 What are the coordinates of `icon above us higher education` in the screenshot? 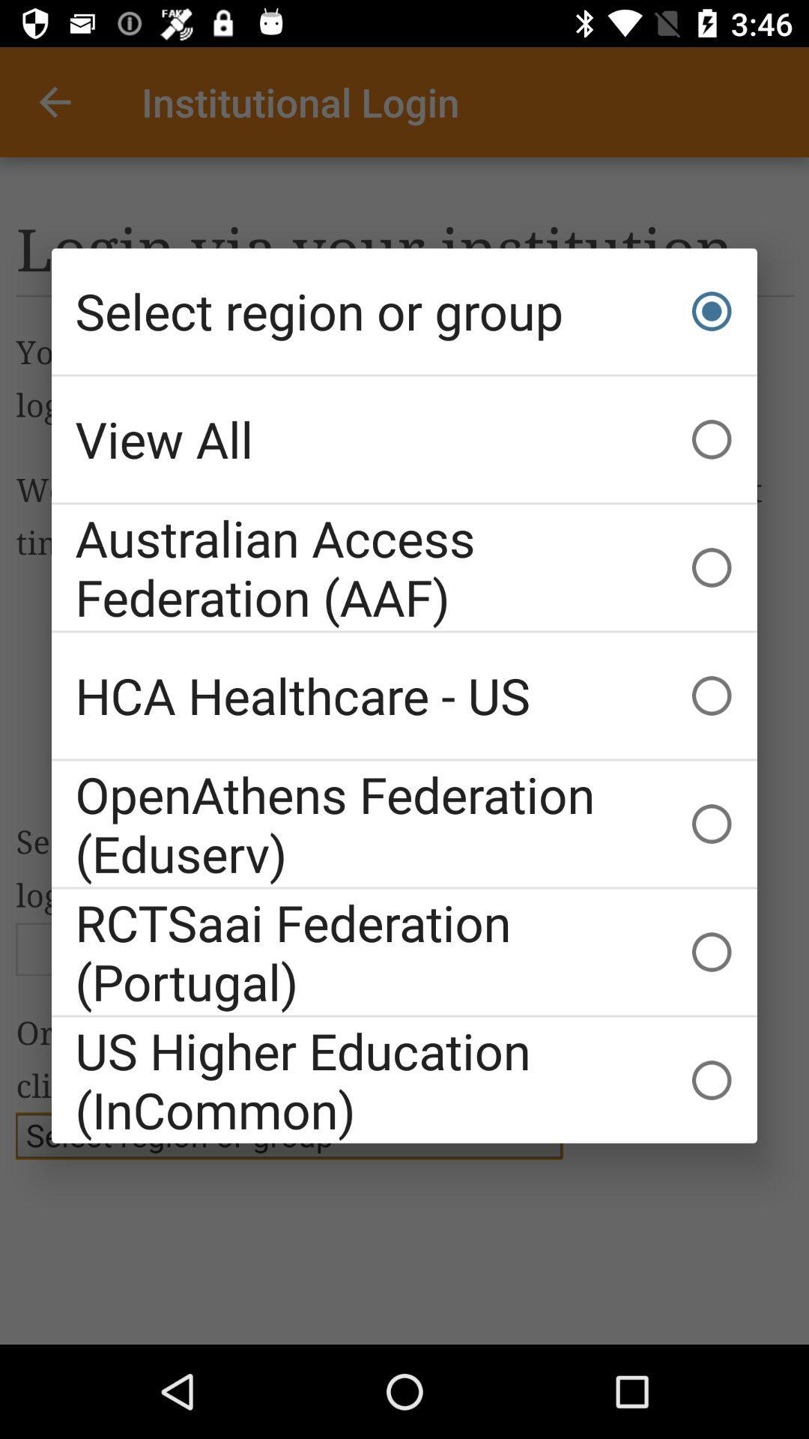 It's located at (404, 951).